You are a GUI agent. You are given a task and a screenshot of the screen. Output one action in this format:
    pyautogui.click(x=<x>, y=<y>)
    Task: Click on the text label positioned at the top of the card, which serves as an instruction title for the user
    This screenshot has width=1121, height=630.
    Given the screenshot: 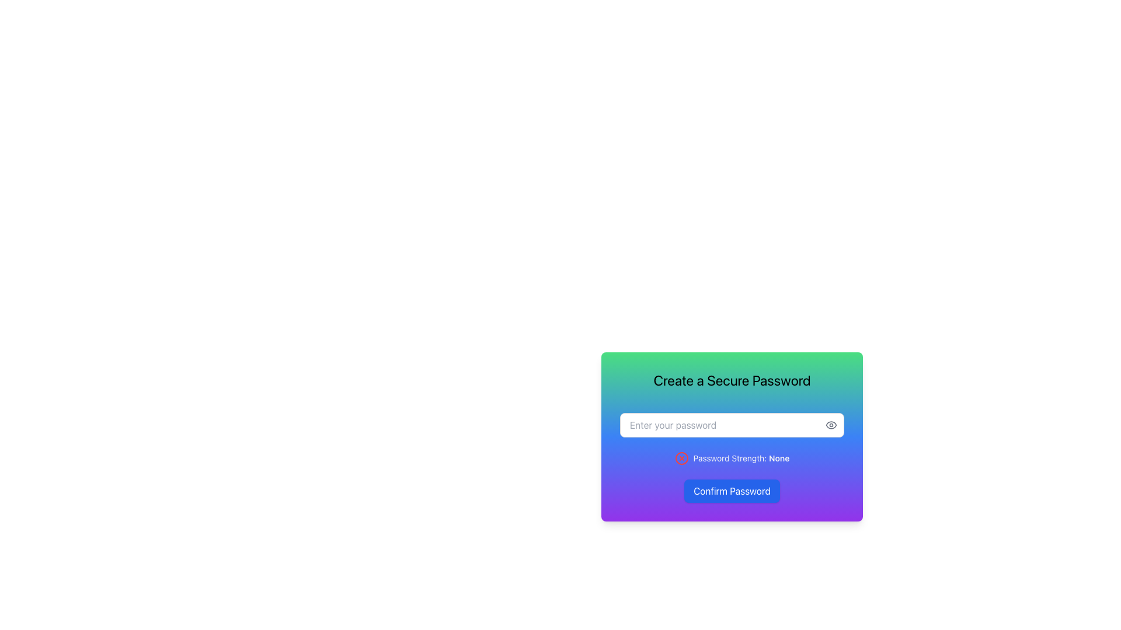 What is the action you would take?
    pyautogui.click(x=731, y=380)
    